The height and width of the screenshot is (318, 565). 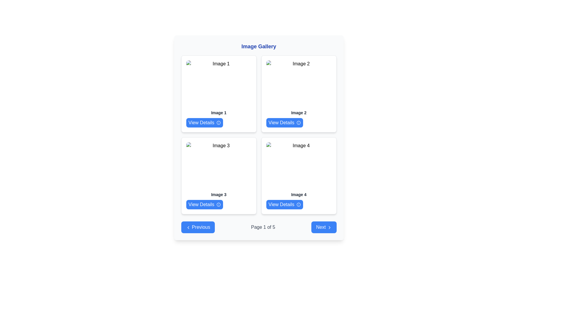 I want to click on the label element located in the top-left card of a 2x2 grid layout, which serves as a title for the image above it, so click(x=218, y=112).